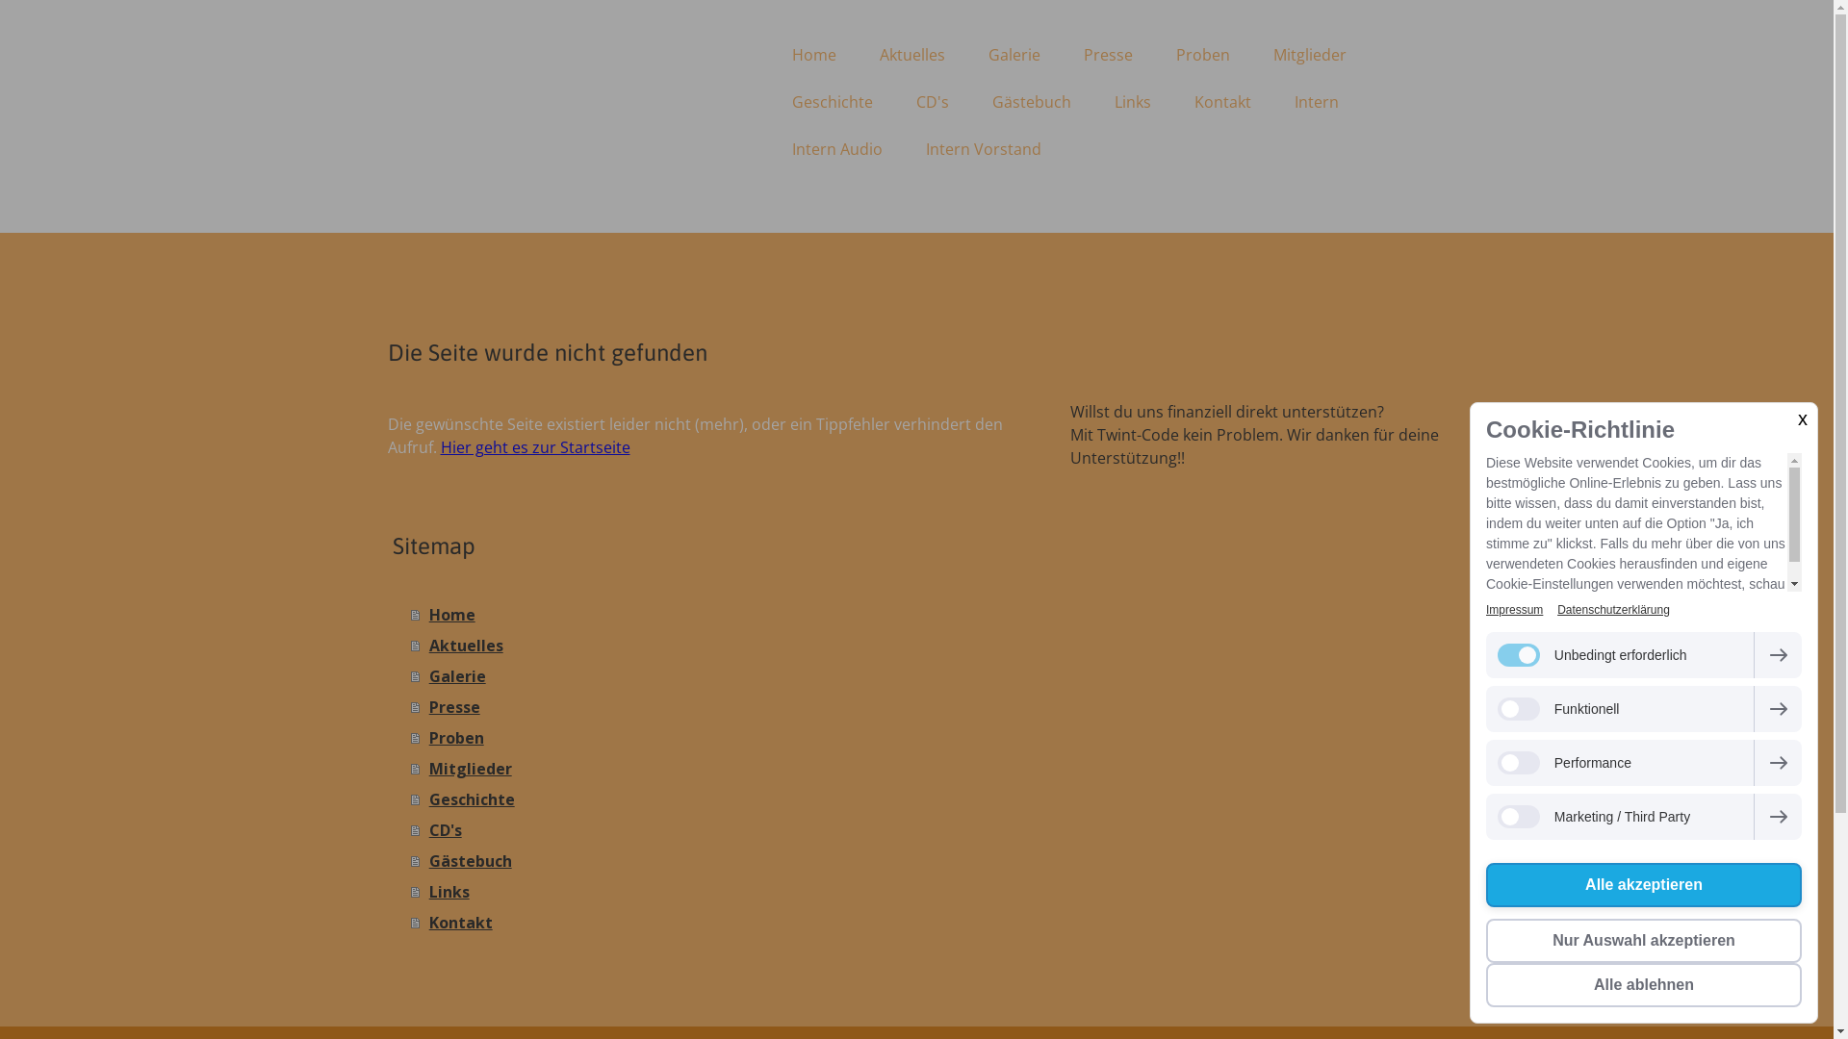 This screenshot has height=1039, width=1848. I want to click on 'Hier geht es zur Startseite', so click(439, 447).